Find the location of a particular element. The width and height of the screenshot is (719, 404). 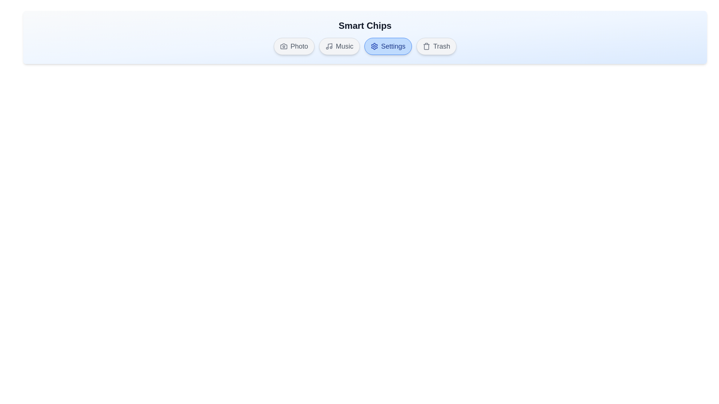

the chip labeled 'Music' to observe its hover effect is located at coordinates (339, 46).